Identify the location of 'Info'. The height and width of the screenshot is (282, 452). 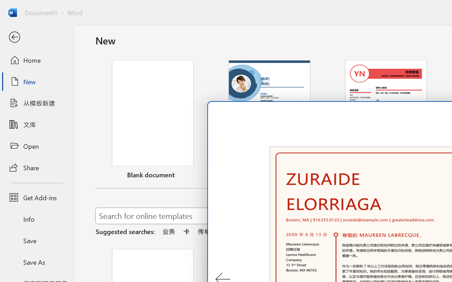
(36, 219).